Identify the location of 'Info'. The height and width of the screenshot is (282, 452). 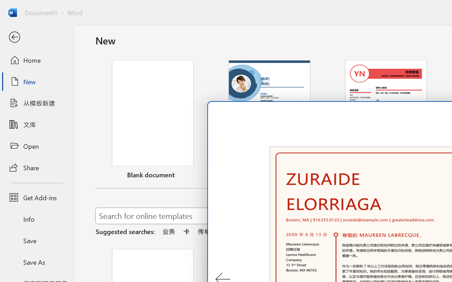
(36, 219).